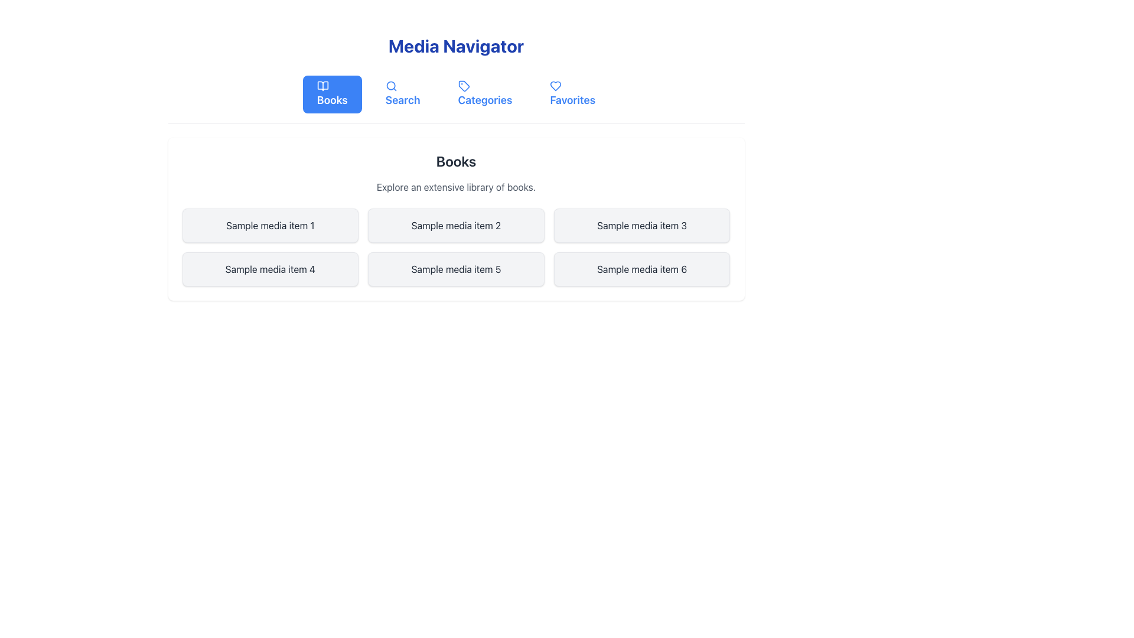 The height and width of the screenshot is (638, 1134). I want to click on the first media item card labeled 'Sample media item 1' in the grid layout under the 'Books' section, so click(269, 225).